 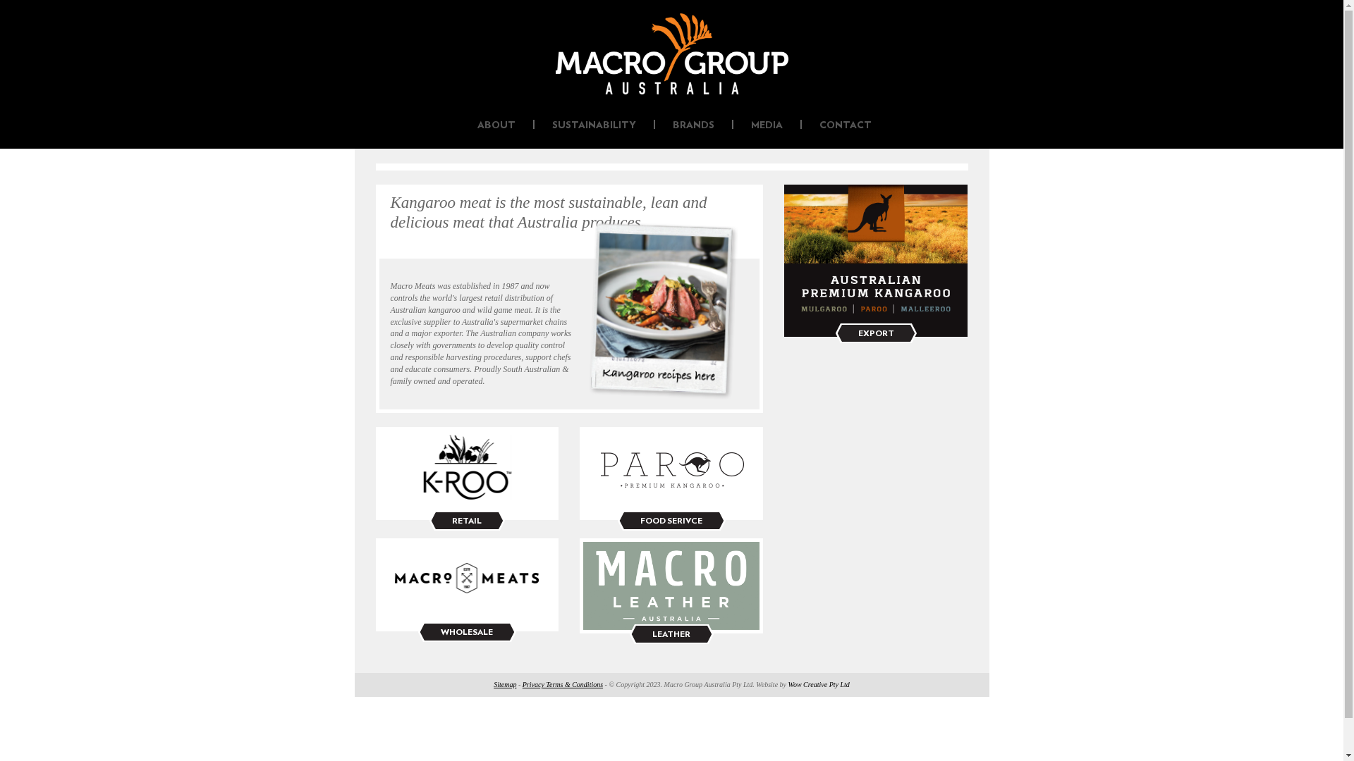 I want to click on 'ABOUT', so click(x=496, y=124).